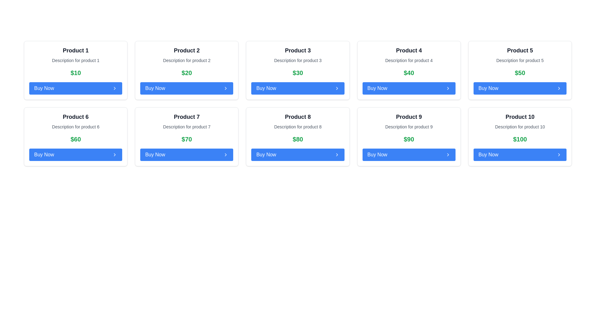 The image size is (597, 335). Describe the element at coordinates (298, 60) in the screenshot. I see `the non-interactive description text label located in the 'Product 3' card, positioned below 'Product 3' and above the price '$30'` at that location.